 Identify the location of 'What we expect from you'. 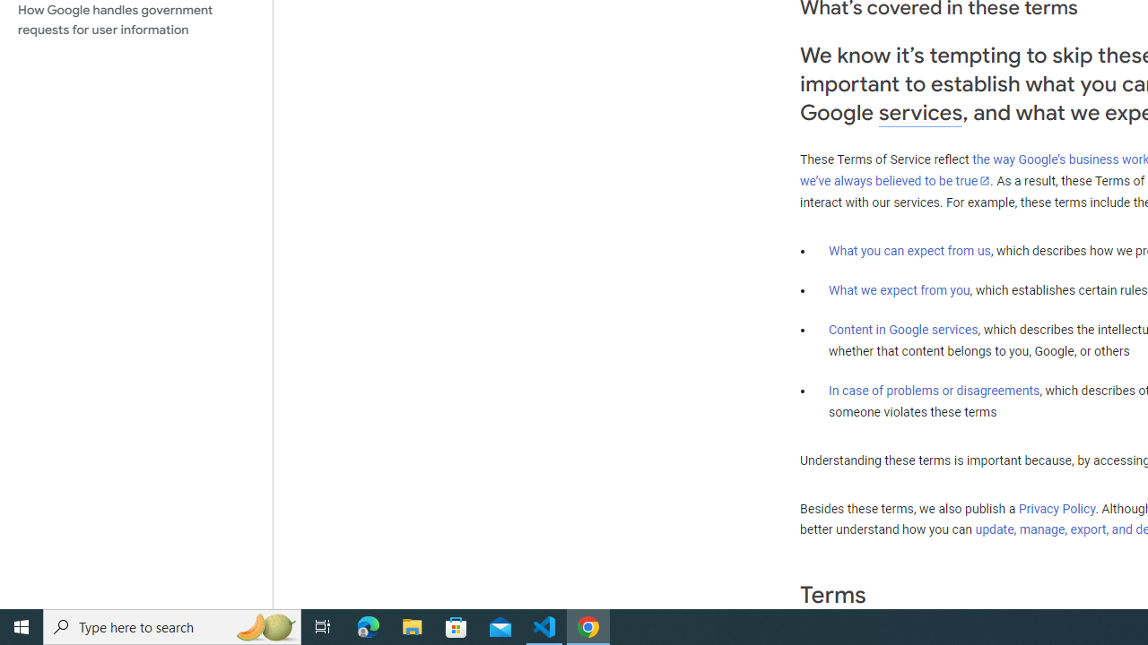
(899, 289).